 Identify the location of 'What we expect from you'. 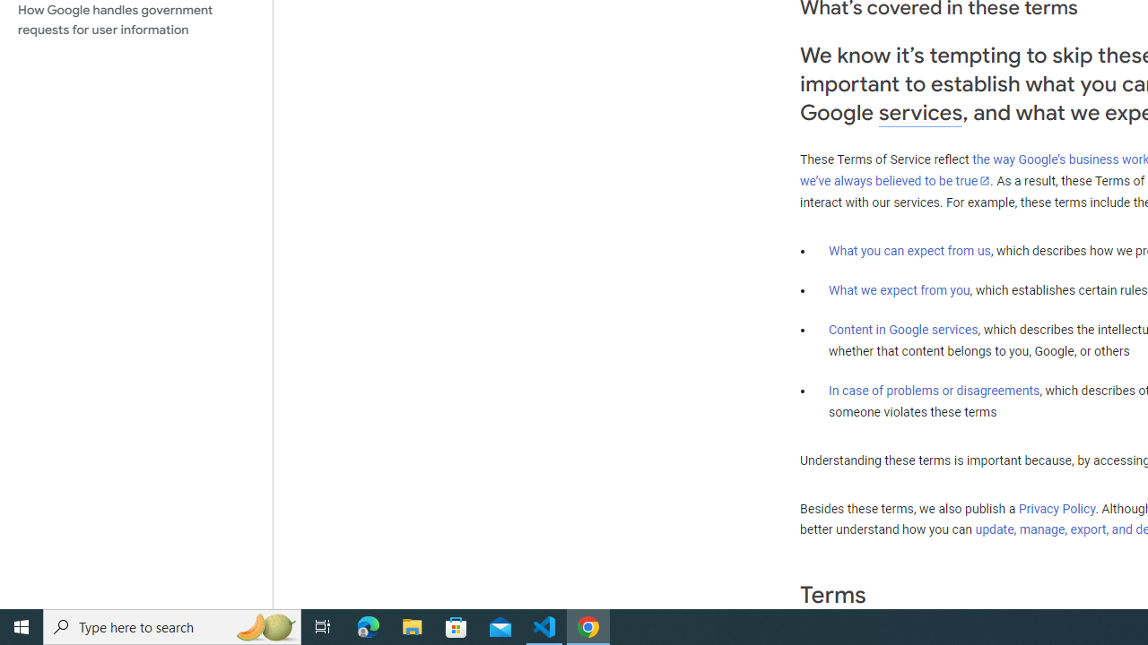
(899, 289).